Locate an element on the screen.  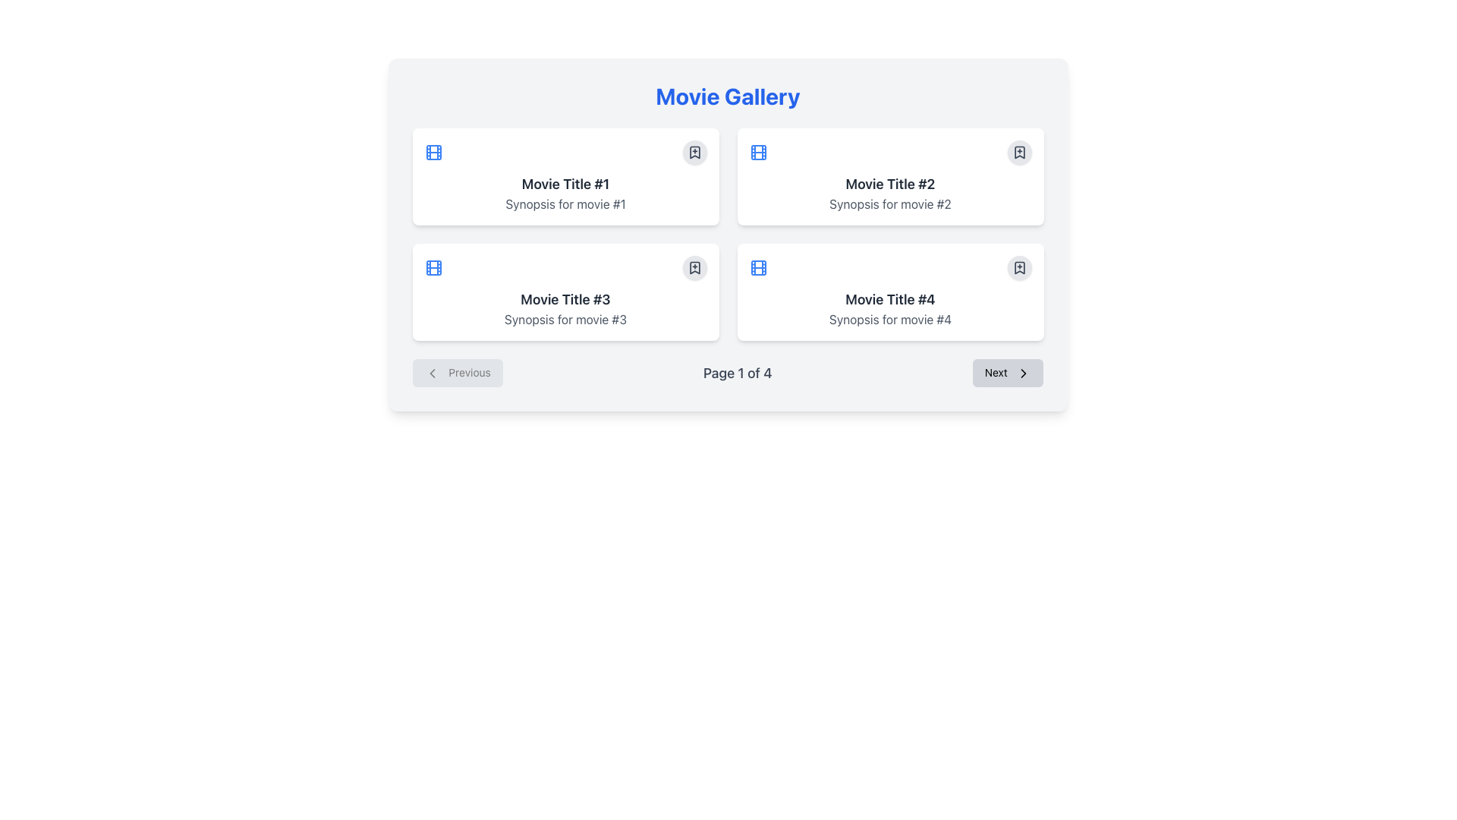
the text providing a brief summary or description for Movie #4, located under the bold header 'Movie Title #4' in the lower-right card of the movie details grid is located at coordinates (890, 318).